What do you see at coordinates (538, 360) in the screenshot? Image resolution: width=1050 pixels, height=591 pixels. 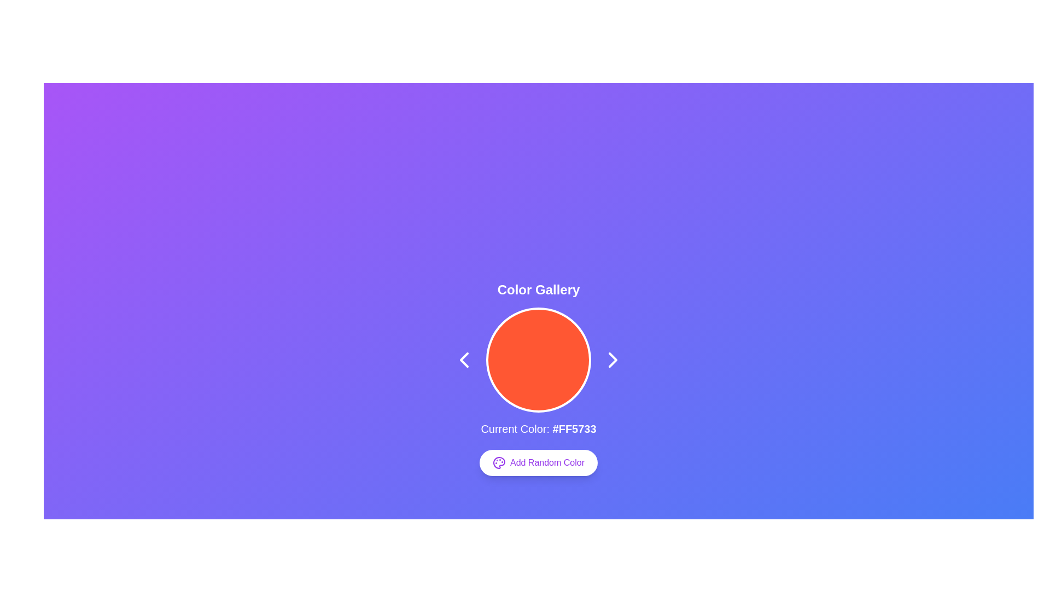 I see `the color of the primary circular graphic element with a reddish-orange fill and white rim, located in the Color Gallery interface` at bounding box center [538, 360].